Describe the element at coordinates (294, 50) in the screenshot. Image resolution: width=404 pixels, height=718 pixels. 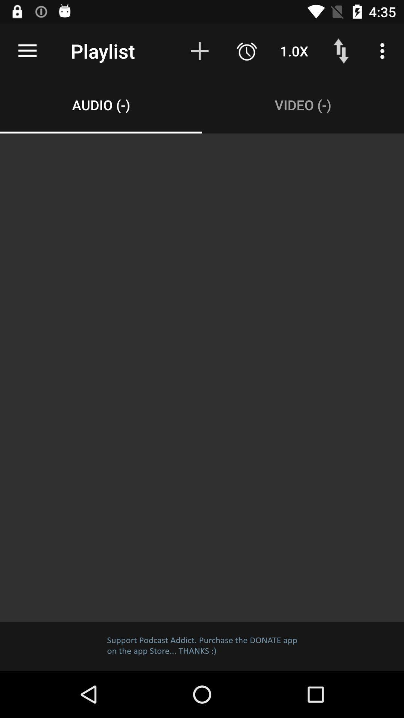
I see `the 1.0x` at that location.